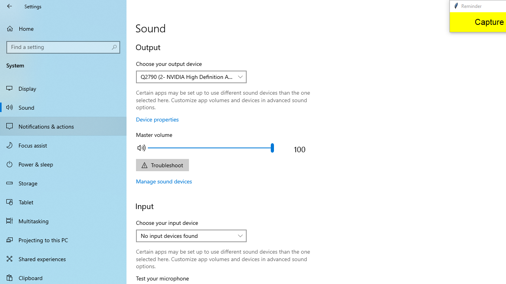 The image size is (506, 284). What do you see at coordinates (63, 183) in the screenshot?
I see `'Storage'` at bounding box center [63, 183].